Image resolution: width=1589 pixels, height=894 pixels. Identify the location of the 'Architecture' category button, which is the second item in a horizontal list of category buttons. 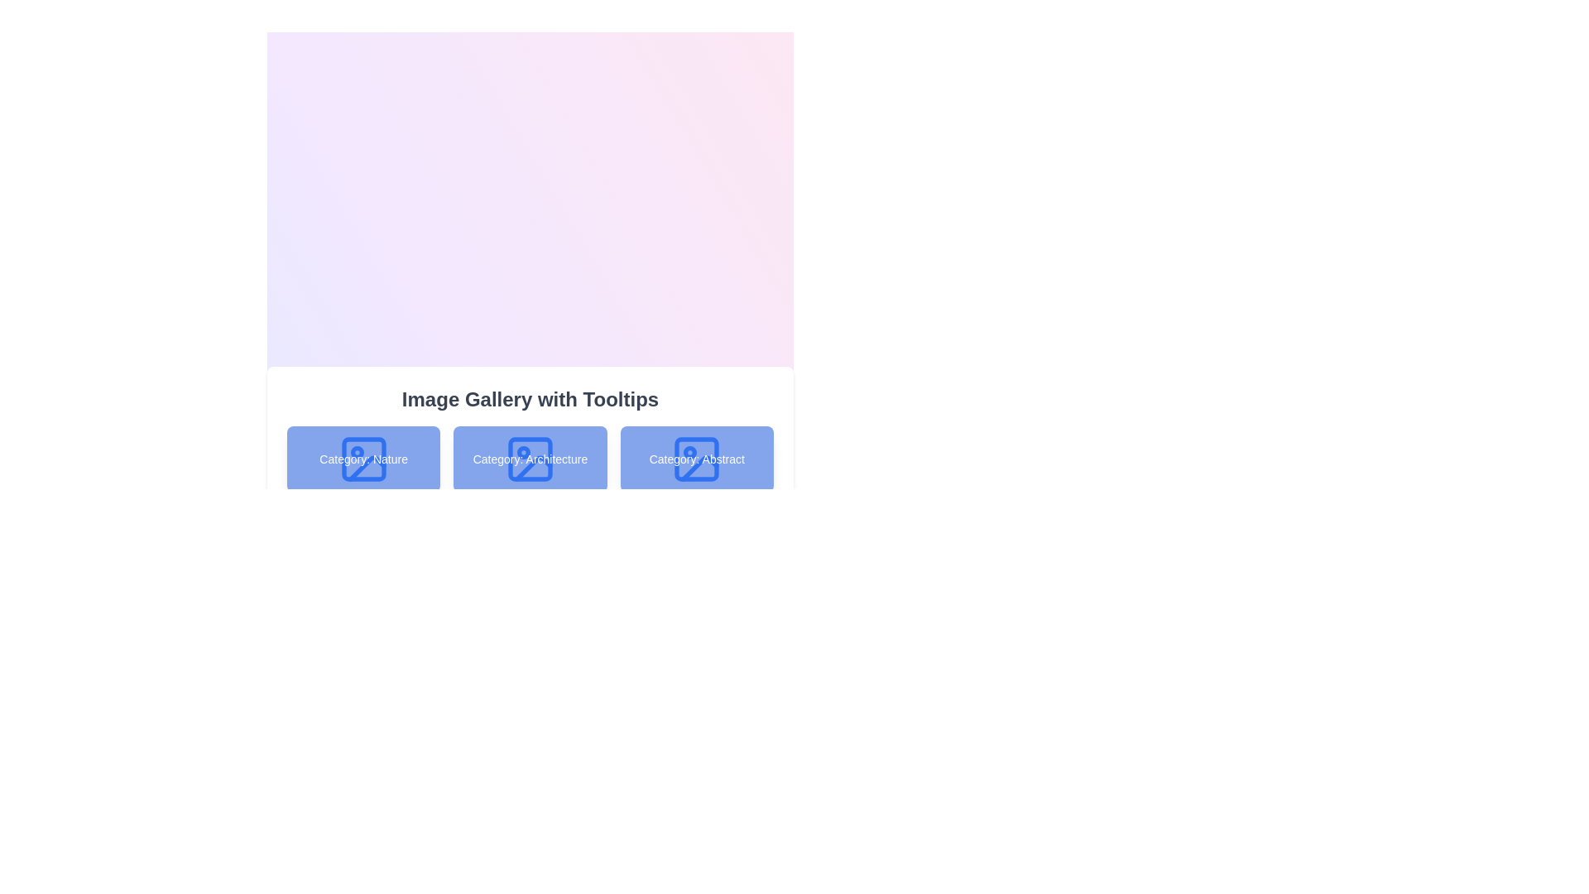
(530, 459).